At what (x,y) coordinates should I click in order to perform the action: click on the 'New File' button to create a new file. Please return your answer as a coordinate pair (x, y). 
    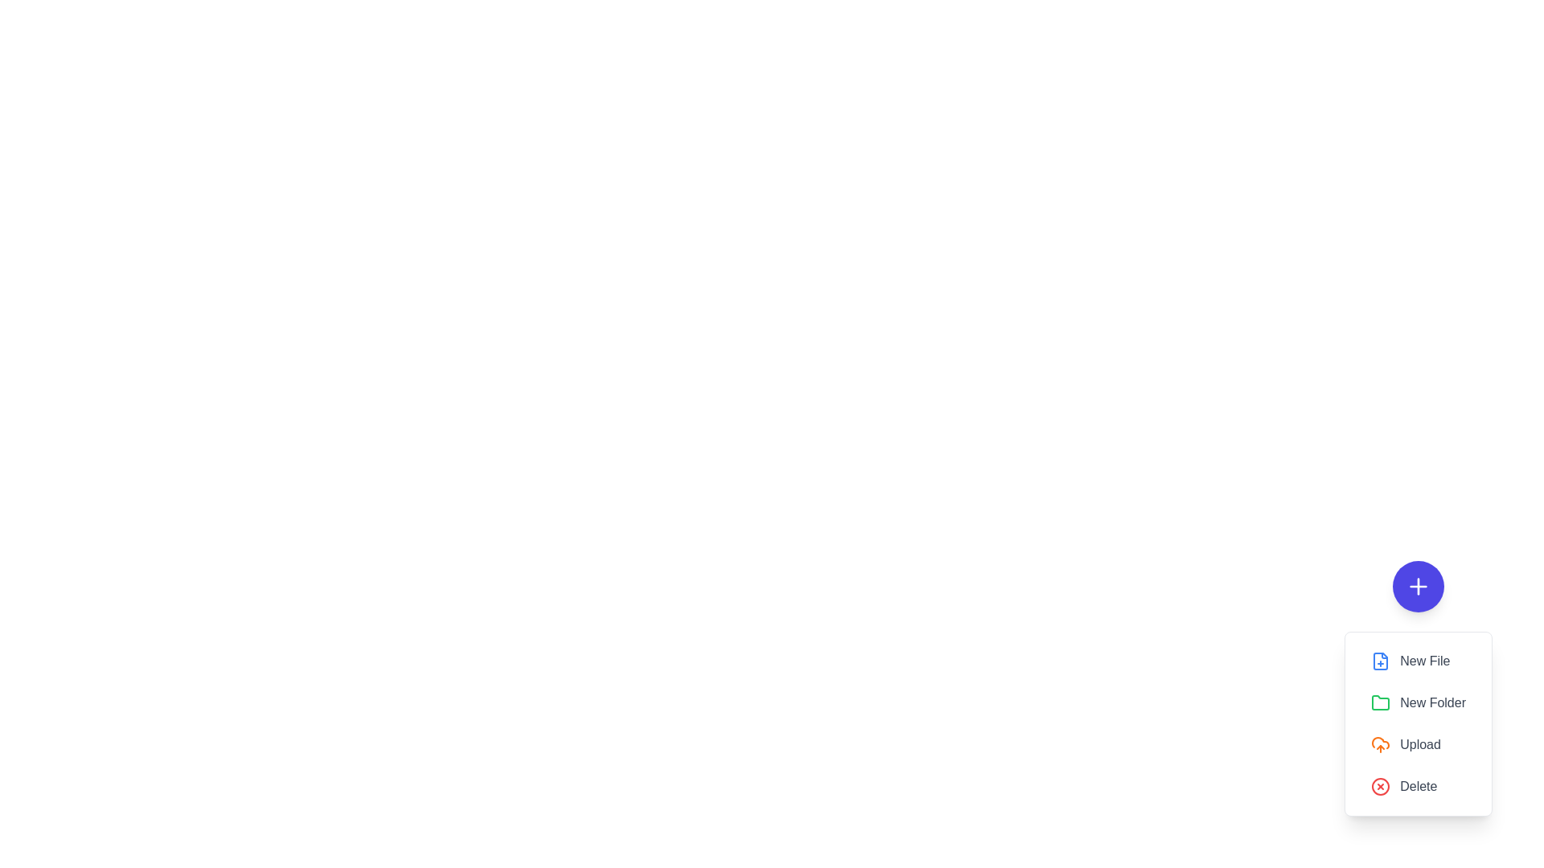
    Looking at the image, I should click on (1419, 661).